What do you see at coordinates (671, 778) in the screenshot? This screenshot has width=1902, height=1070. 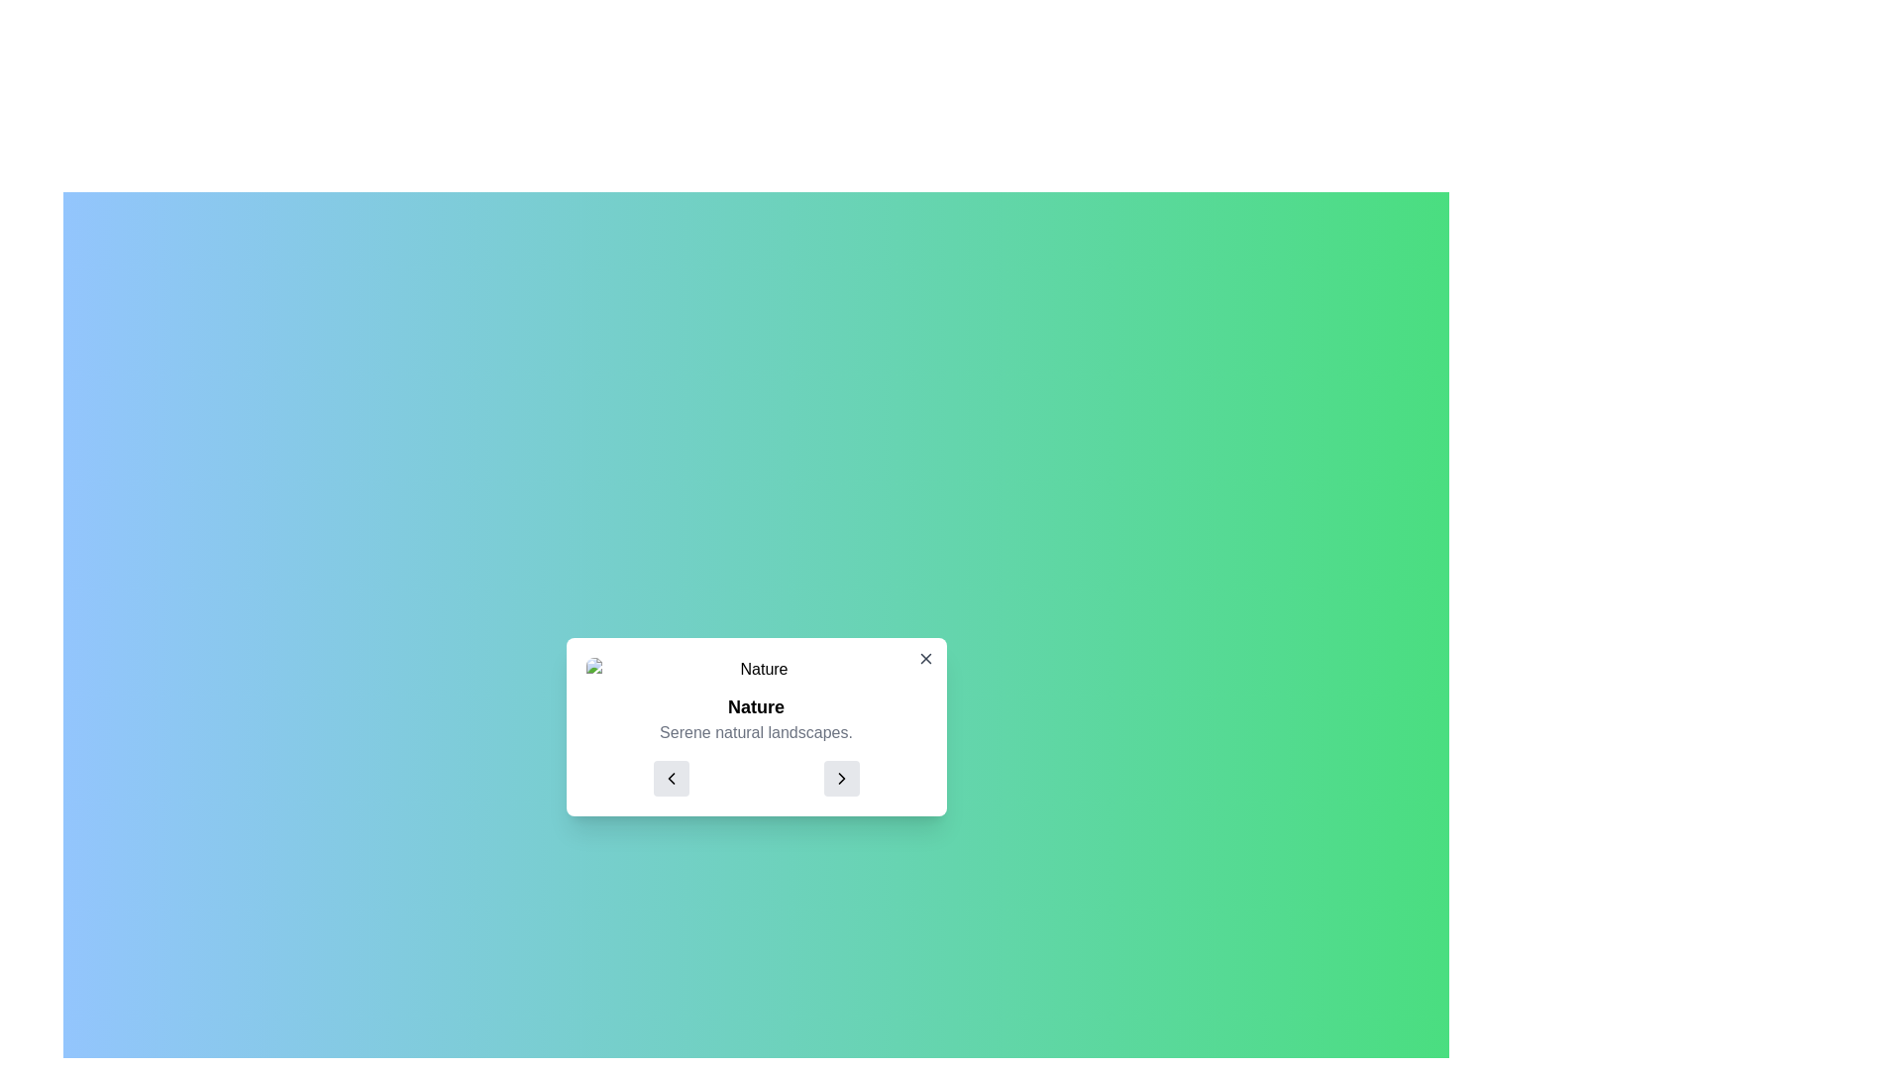 I see `the small left-pointing chevron arrow icon button styled within a rounded, light gray rectangular button in the lower left corner of the dialog` at bounding box center [671, 778].